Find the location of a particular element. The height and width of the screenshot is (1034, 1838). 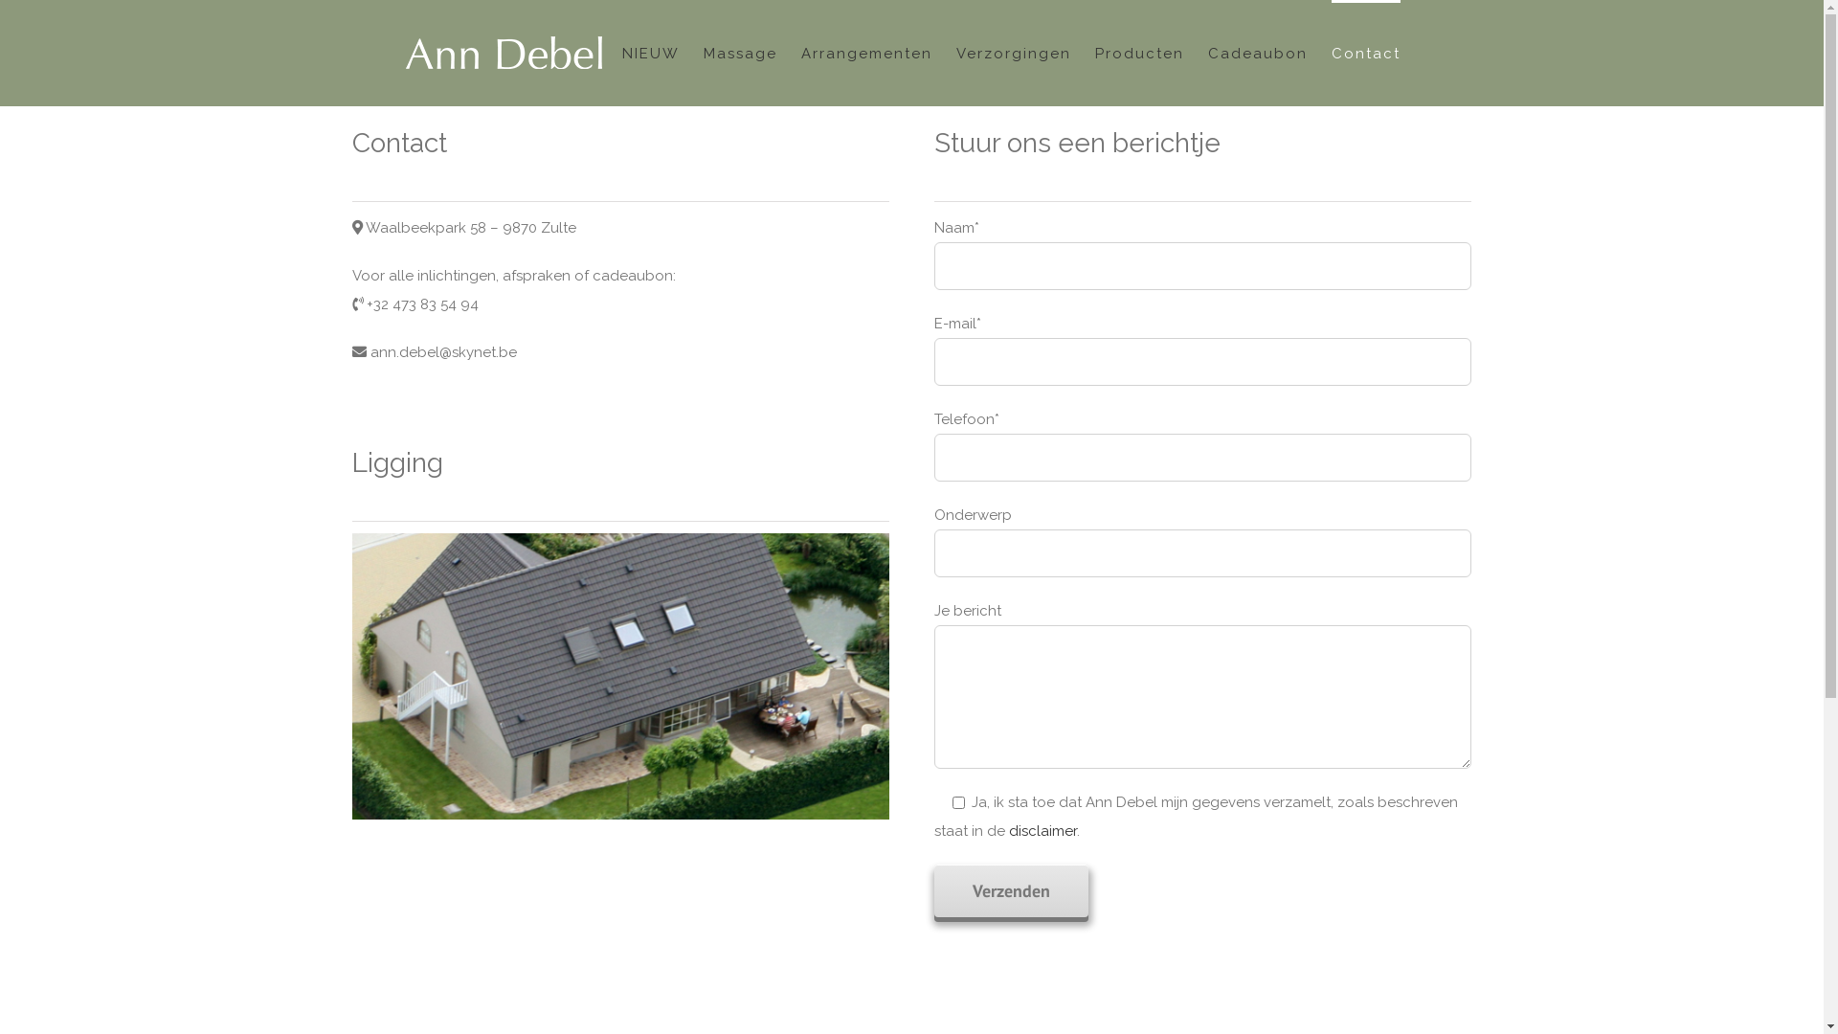

'Contact' is located at coordinates (1330, 51).